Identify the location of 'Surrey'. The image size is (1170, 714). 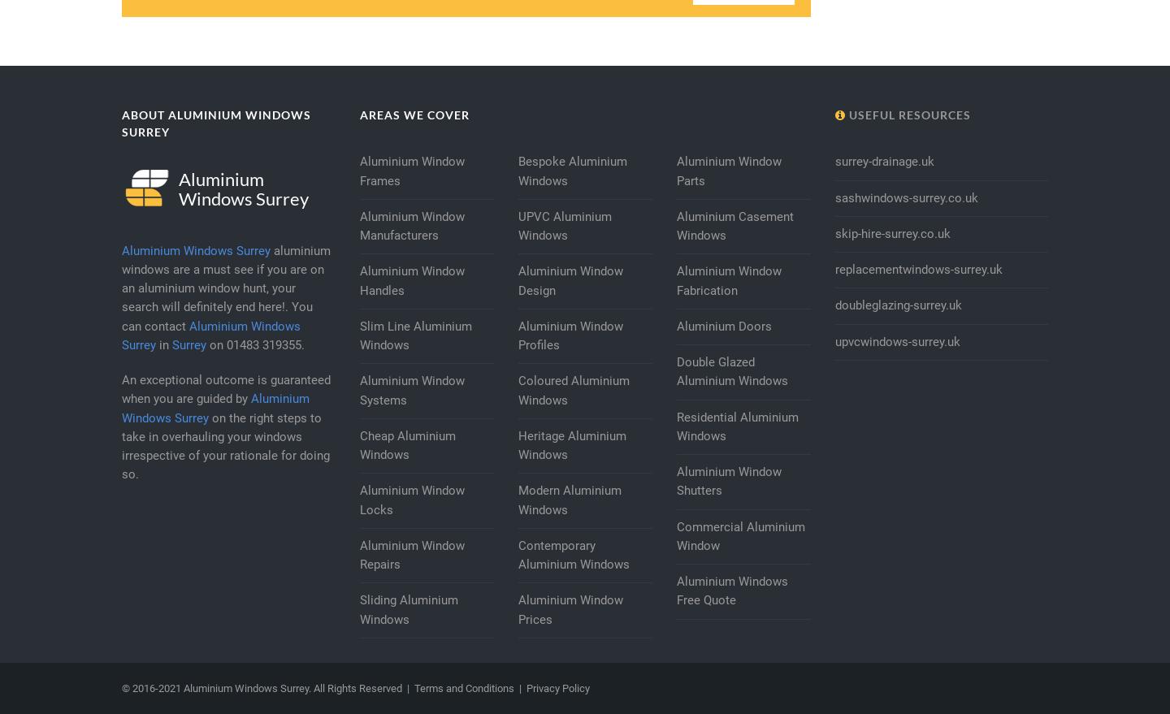
(188, 344).